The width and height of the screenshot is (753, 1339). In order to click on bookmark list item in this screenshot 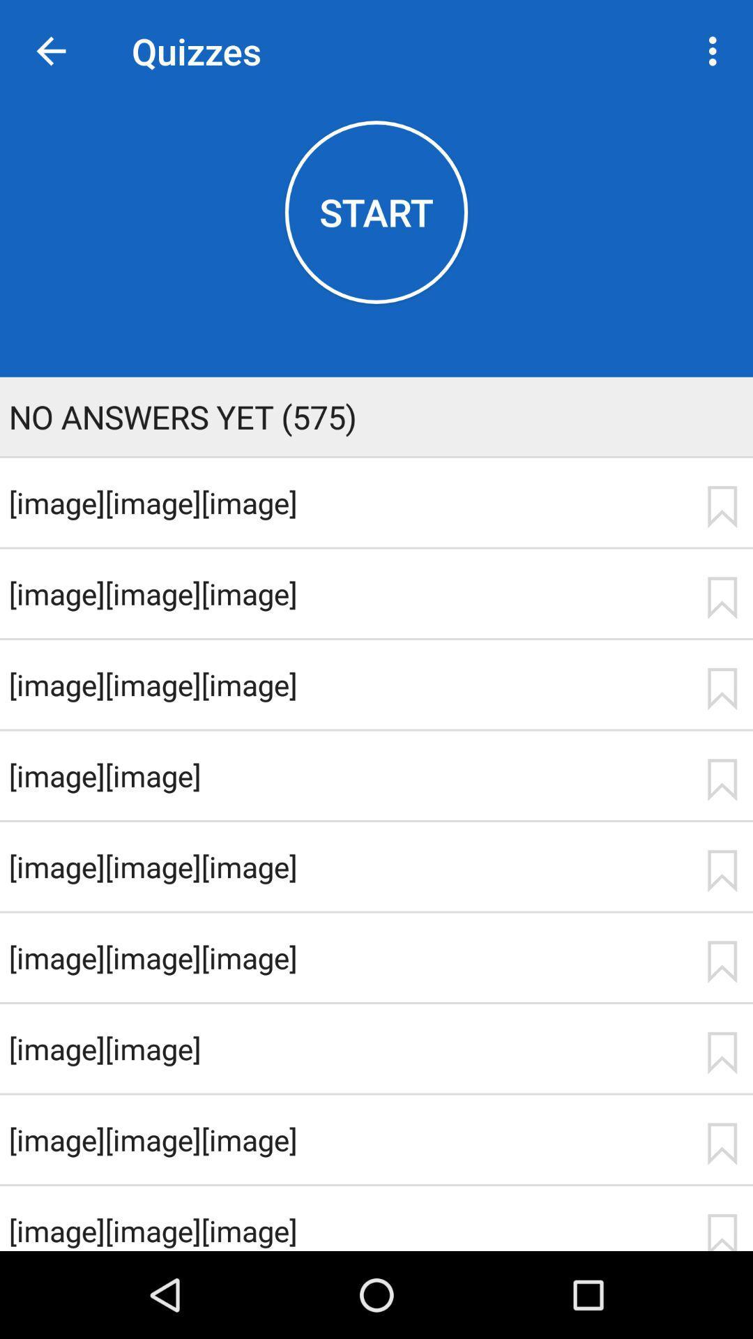, I will do `click(722, 598)`.